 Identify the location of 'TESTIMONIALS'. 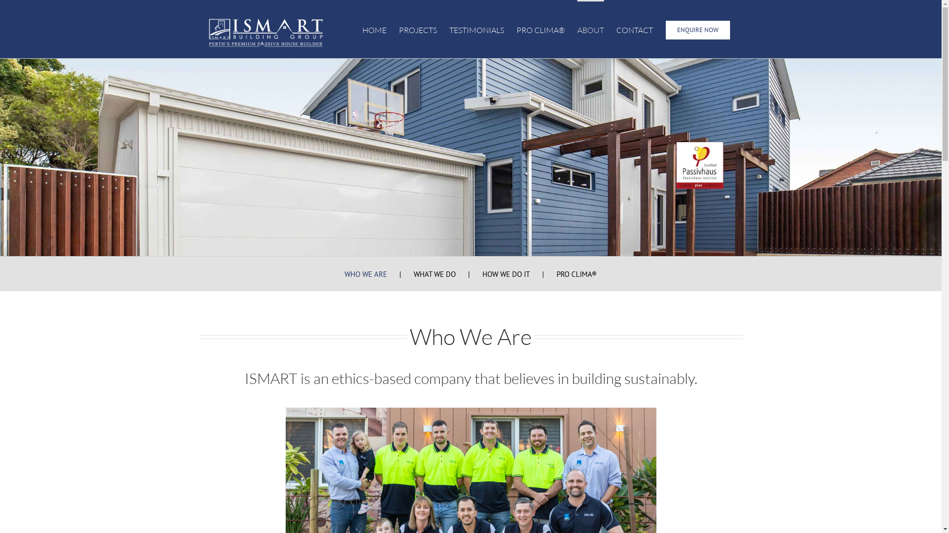
(476, 28).